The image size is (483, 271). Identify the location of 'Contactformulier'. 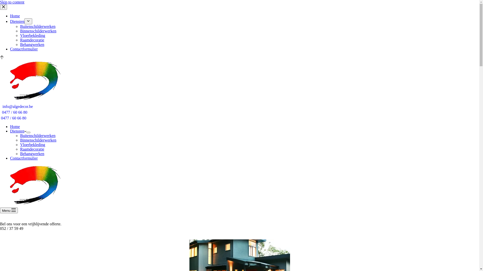
(24, 158).